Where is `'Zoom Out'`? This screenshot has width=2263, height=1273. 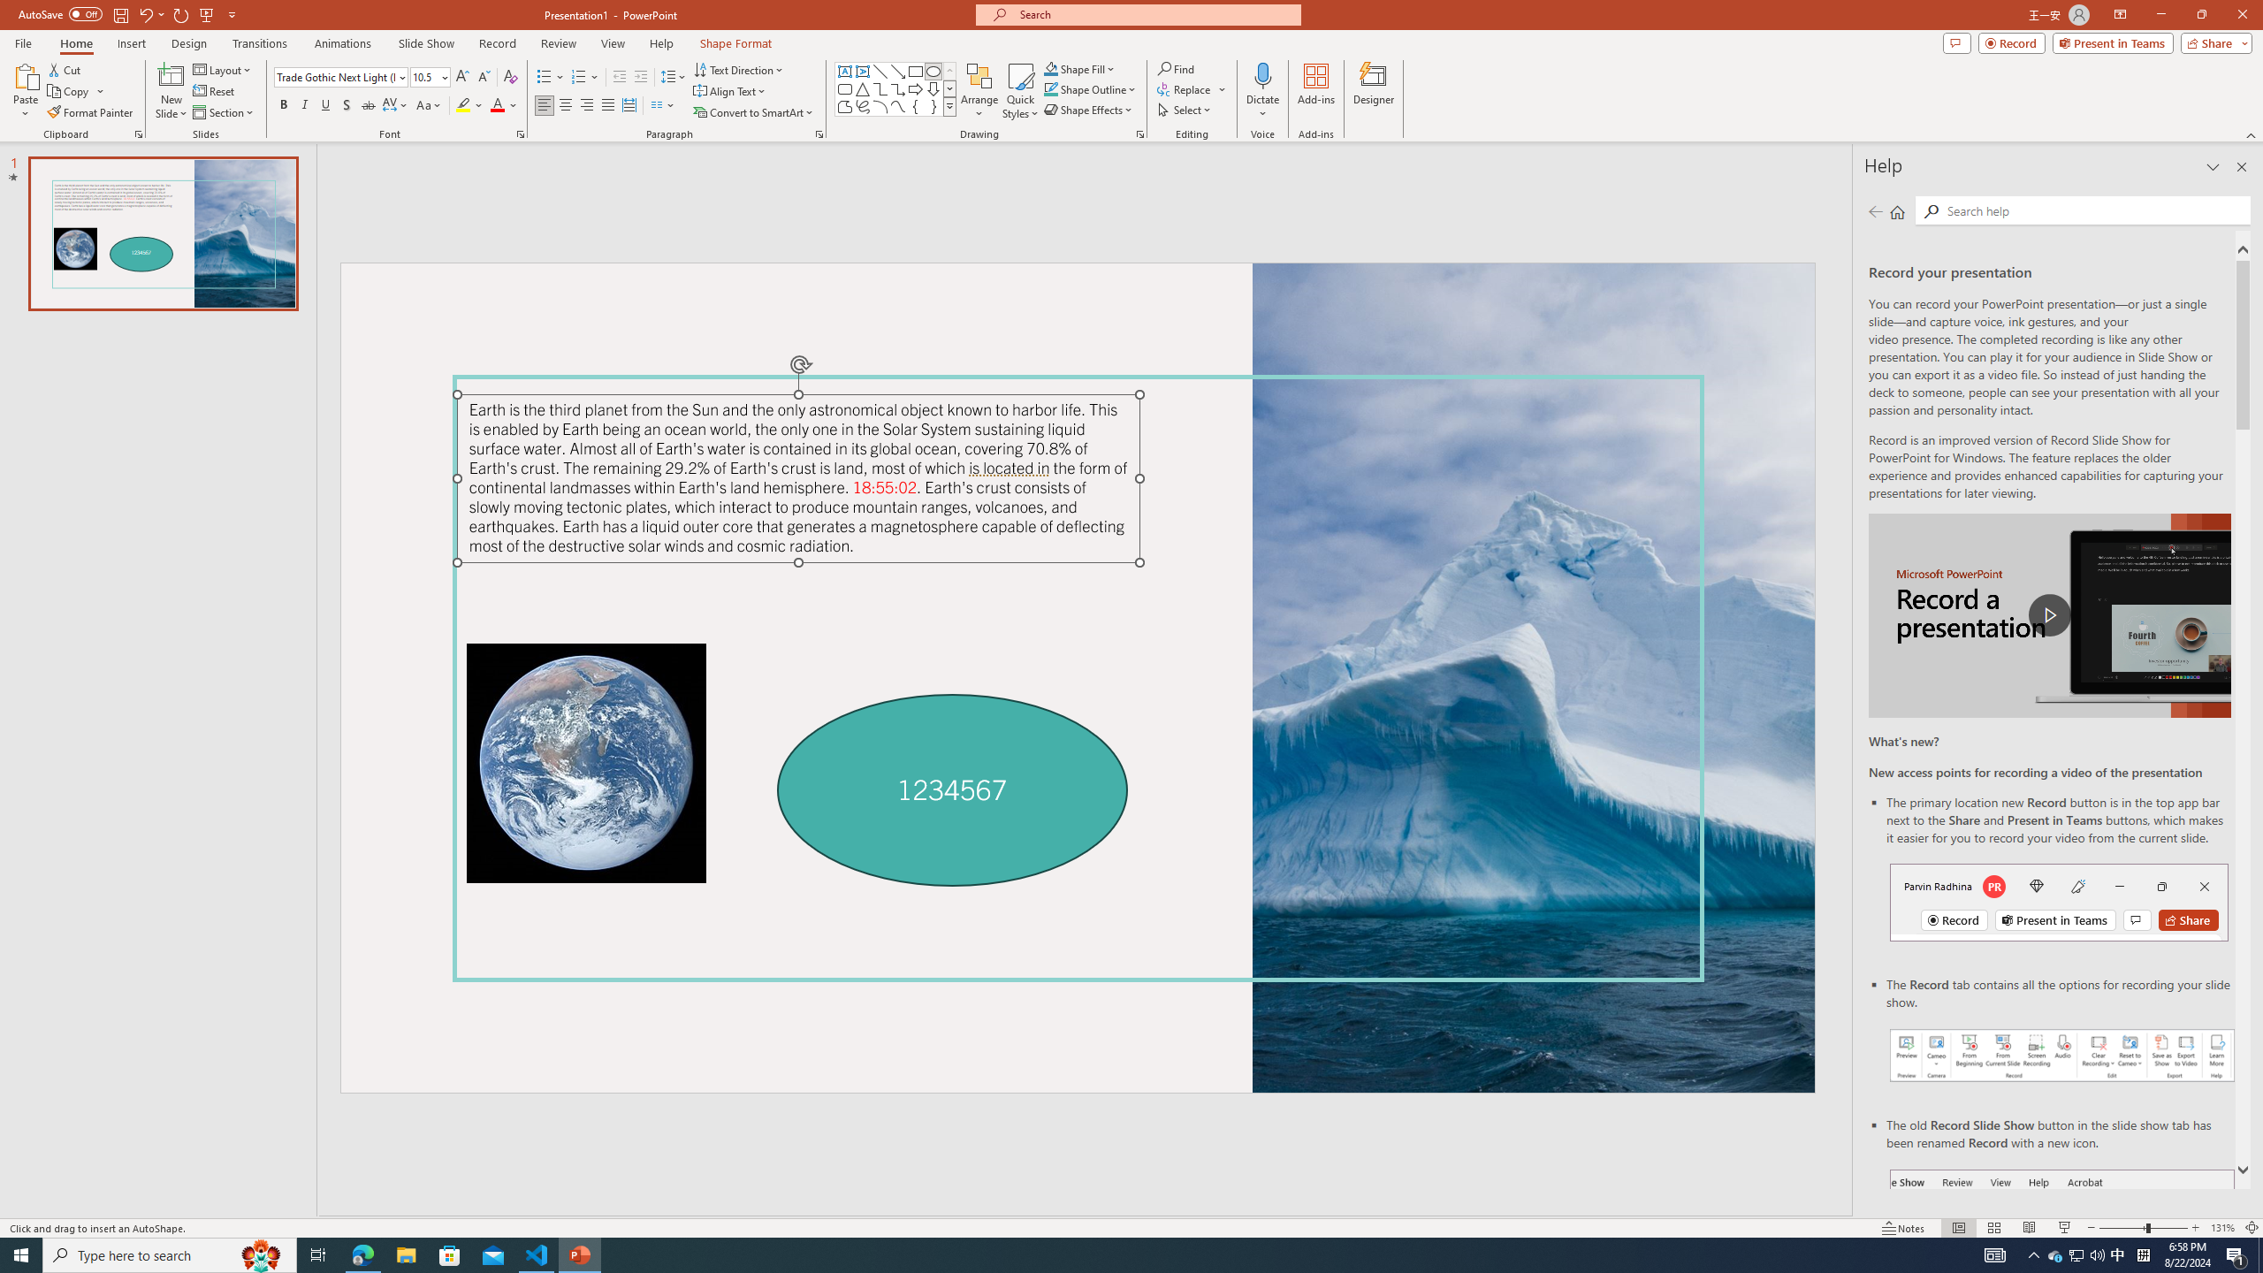
'Zoom Out' is located at coordinates (2122, 1228).